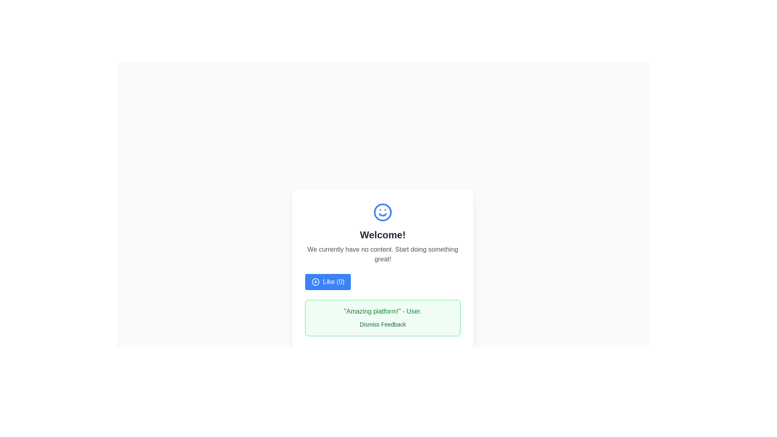 The width and height of the screenshot is (777, 437). Describe the element at coordinates (315, 282) in the screenshot. I see `the circular icon with a plus symbol inside the 'Like (0)' button, which is styled in a minimalist design with a blue background and white stroke colors, located under the heading 'Welcome!' and above the feedback section` at that location.